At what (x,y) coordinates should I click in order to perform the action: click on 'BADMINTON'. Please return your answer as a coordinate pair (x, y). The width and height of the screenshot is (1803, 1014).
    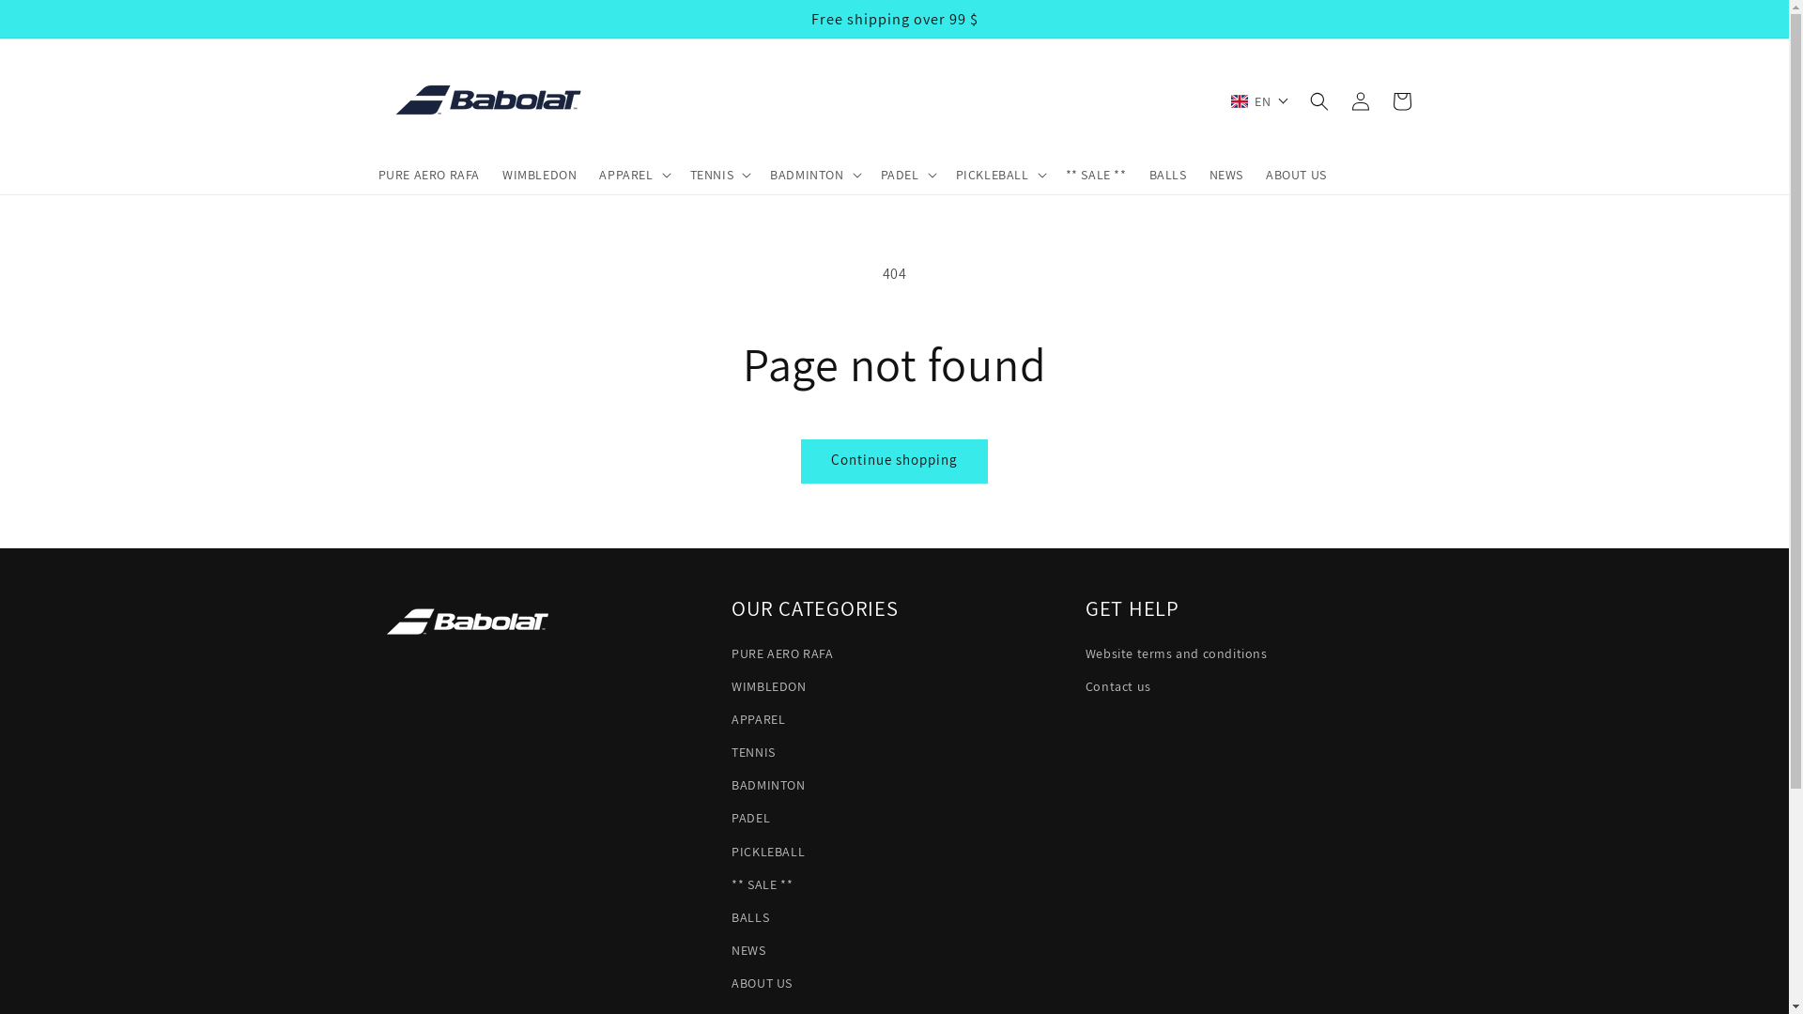
    Looking at the image, I should click on (767, 785).